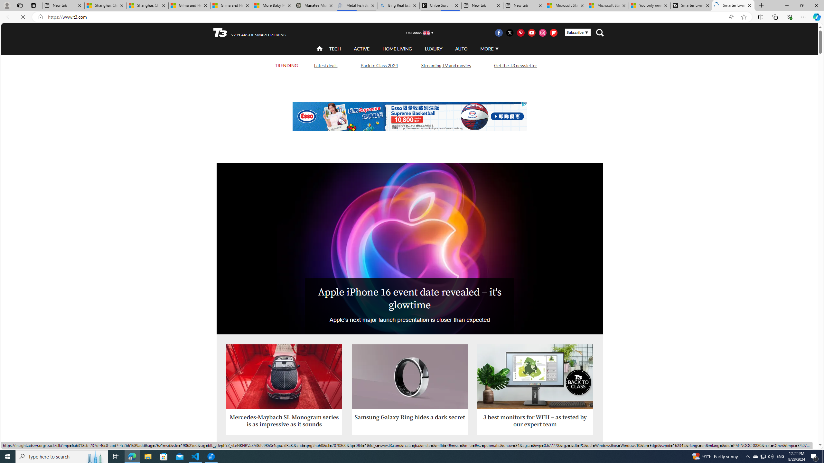  I want to click on 'UK Edition', so click(417, 33).